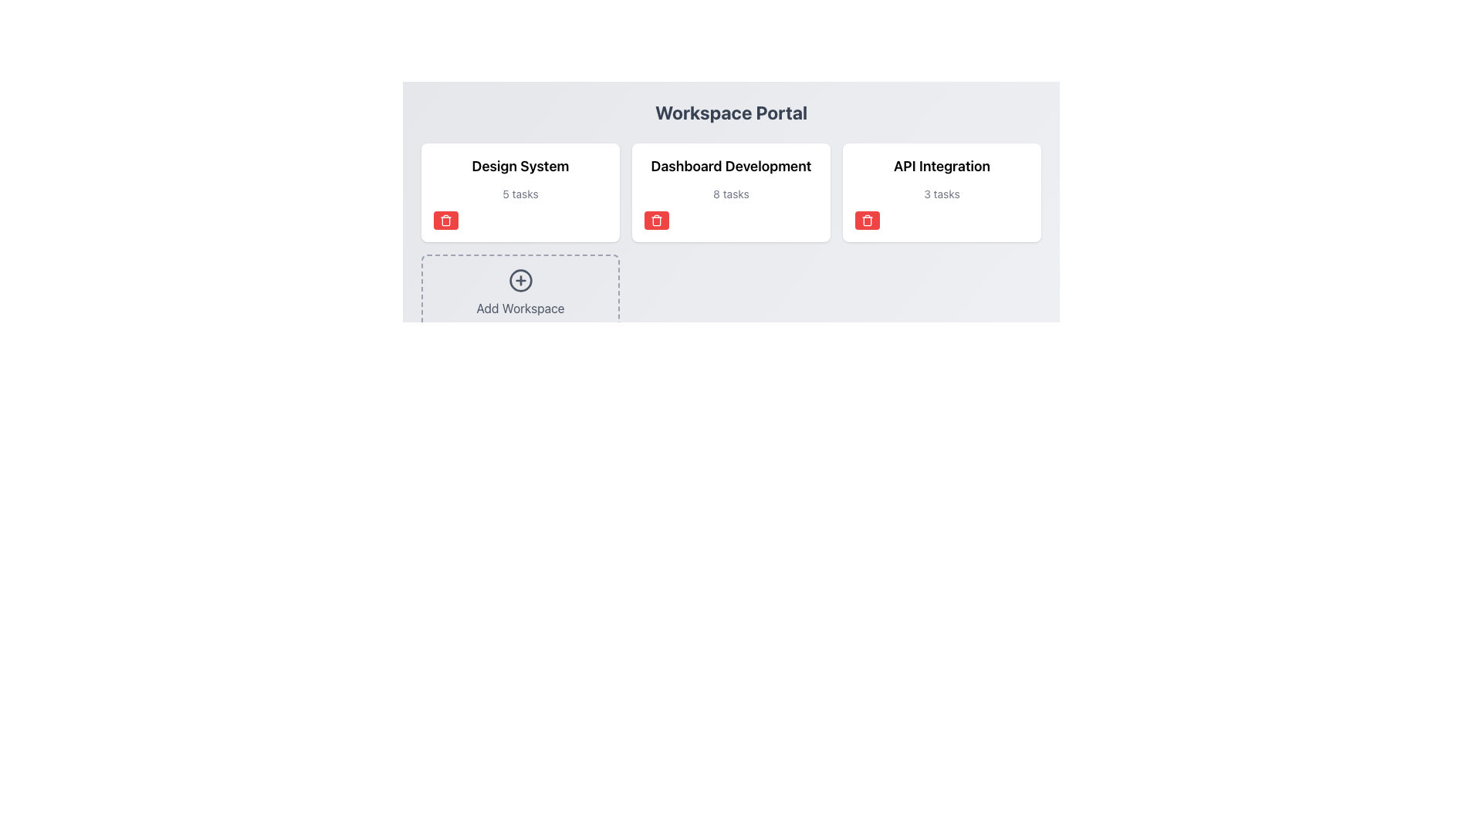 The height and width of the screenshot is (833, 1482). Describe the element at coordinates (656, 220) in the screenshot. I see `the red trash bin icon` at that location.